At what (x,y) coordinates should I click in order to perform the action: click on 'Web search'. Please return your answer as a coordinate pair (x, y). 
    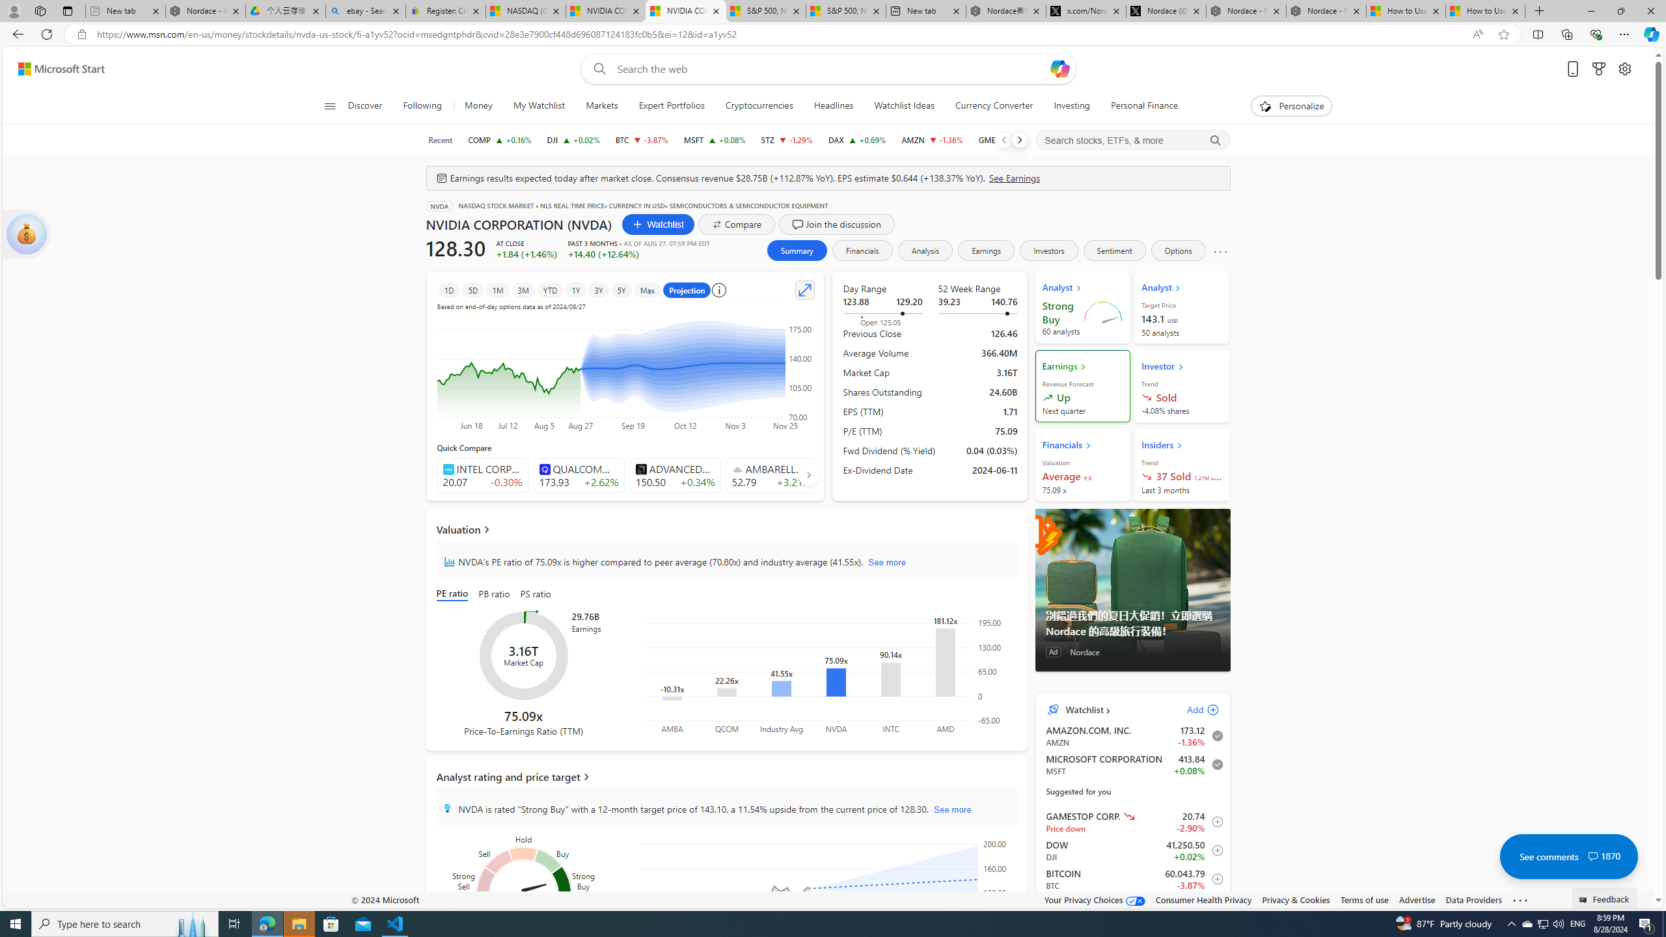
    Looking at the image, I should click on (596, 69).